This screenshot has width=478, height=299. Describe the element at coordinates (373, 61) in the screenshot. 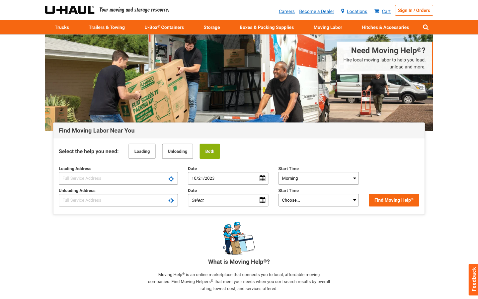

I see `Require local assistance for relocation` at that location.